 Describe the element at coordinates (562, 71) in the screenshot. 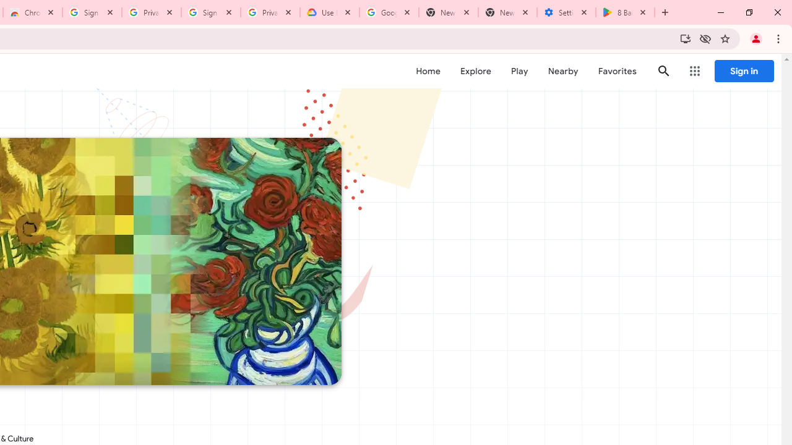

I see `'Nearby'` at that location.